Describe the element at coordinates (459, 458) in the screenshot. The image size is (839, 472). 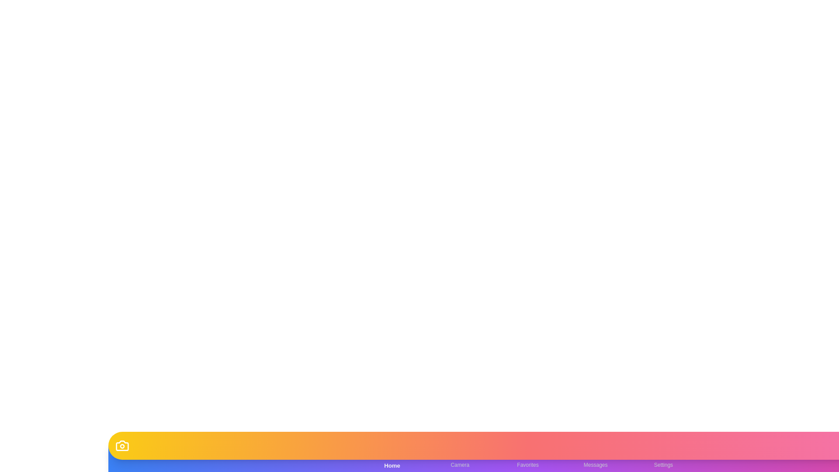
I see `the Camera button to observe its hover effect` at that location.